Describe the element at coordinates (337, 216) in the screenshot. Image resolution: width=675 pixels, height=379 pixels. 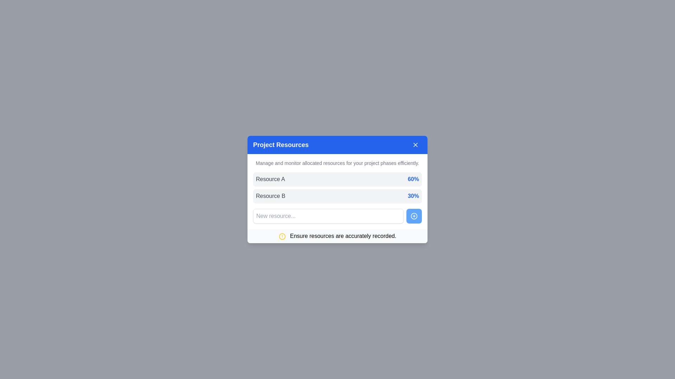
I see `the button in the composite component for adding a new resource, located at the bottom of the 'Project Resources' panel, to trigger a tooltip or style change` at that location.